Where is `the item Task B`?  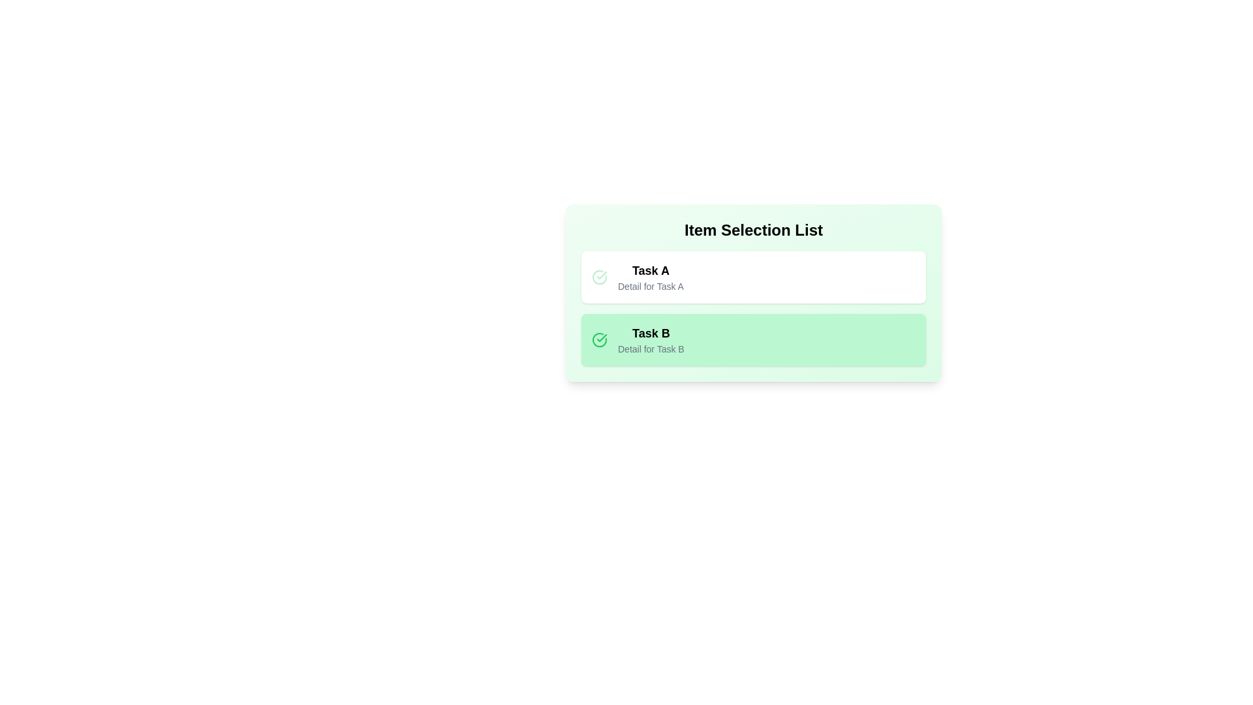
the item Task B is located at coordinates (754, 339).